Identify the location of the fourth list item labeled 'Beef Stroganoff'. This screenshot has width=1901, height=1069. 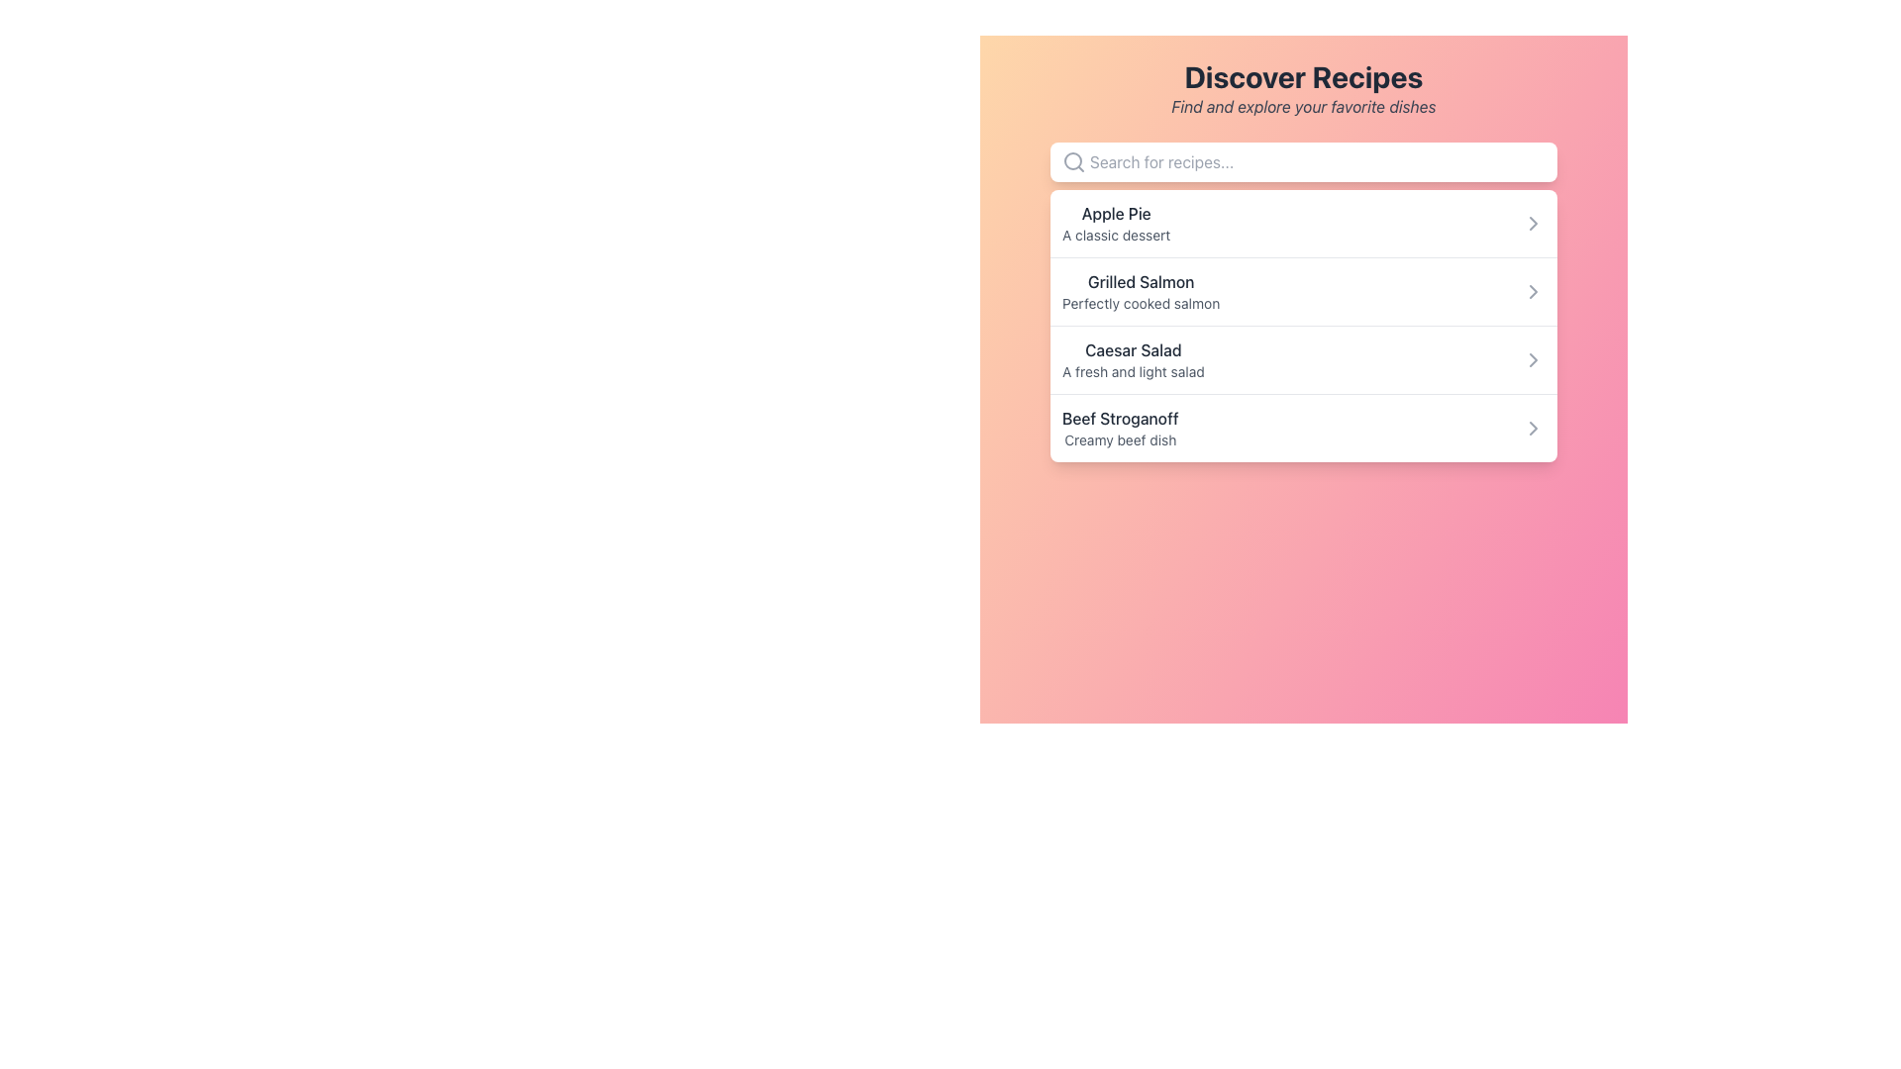
(1120, 427).